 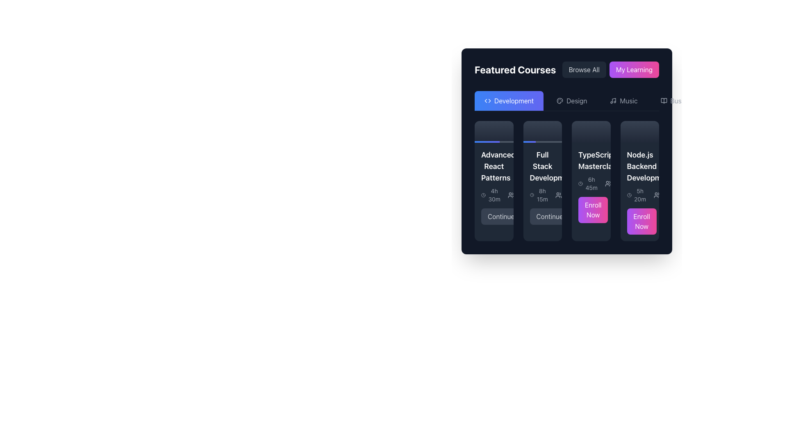 I want to click on the 'Continue' button in the Course overview module titled 'Full Stack Development' to proceed, so click(x=542, y=187).